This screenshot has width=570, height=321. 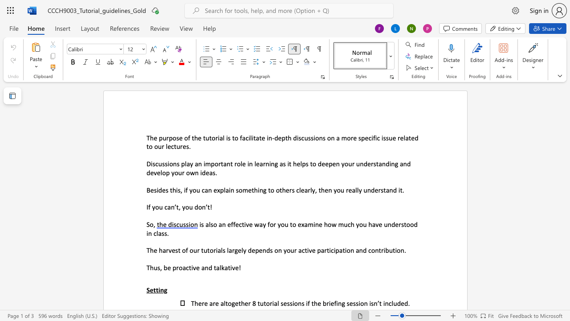 What do you see at coordinates (262, 250) in the screenshot?
I see `the space between the continuous character "e" and "n" in the text` at bounding box center [262, 250].